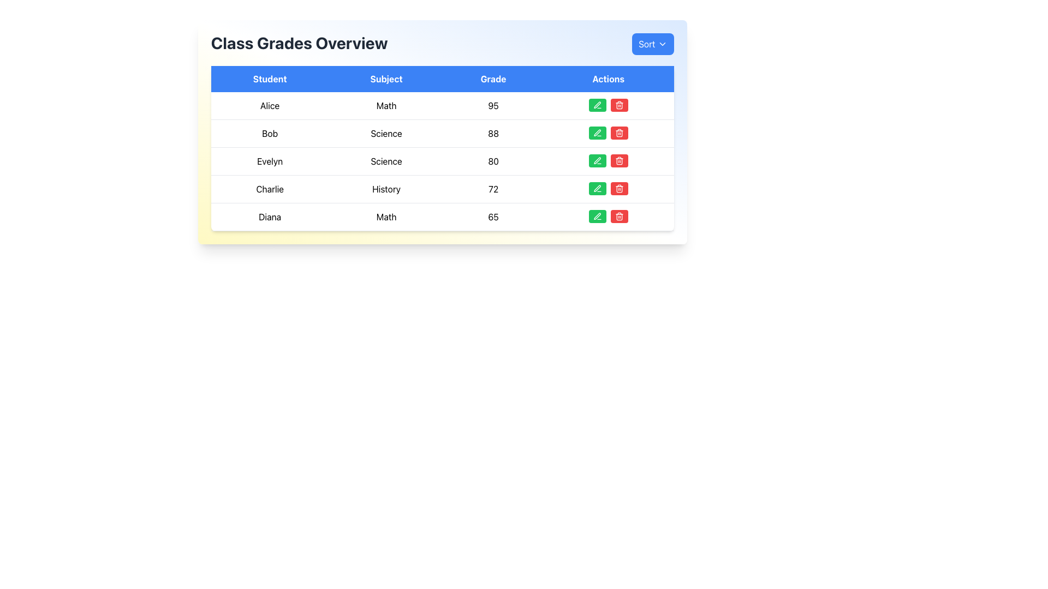 This screenshot has height=589, width=1048. Describe the element at coordinates (493, 161) in the screenshot. I see `the table cell displaying the student's grade for the subject in the third row and third column, located adjacent to 'Science' on the left` at that location.